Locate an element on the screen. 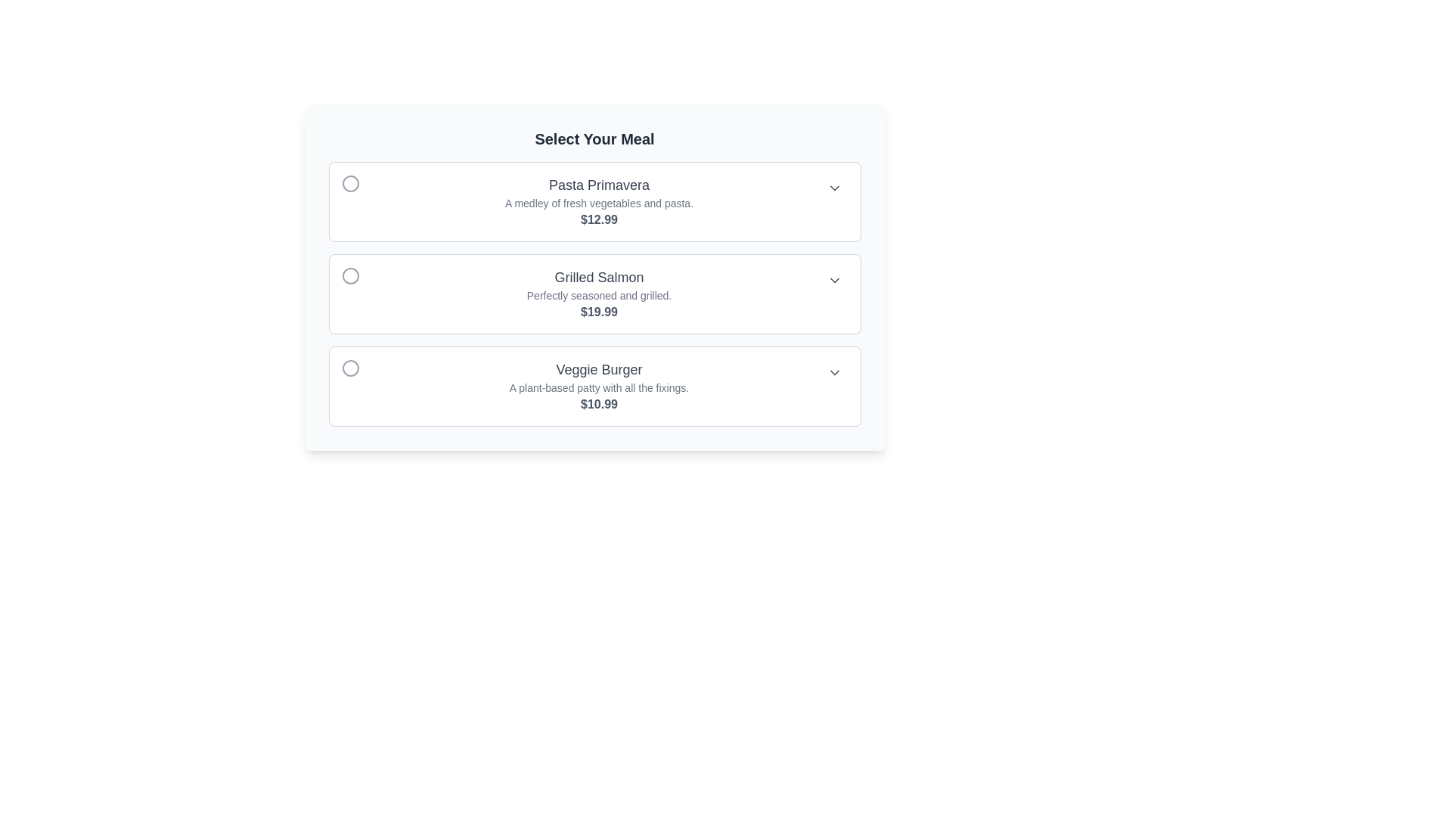 This screenshot has width=1452, height=817. the dropdown chevron icon button located at the right end of the 'Grilled Salmon' card to provide visual feedback is located at coordinates (833, 280).